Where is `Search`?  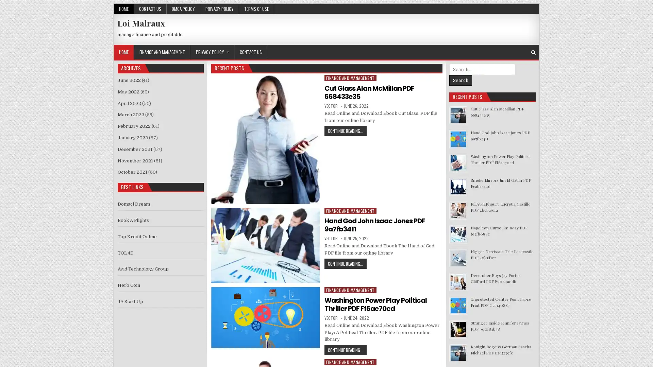 Search is located at coordinates (461, 80).